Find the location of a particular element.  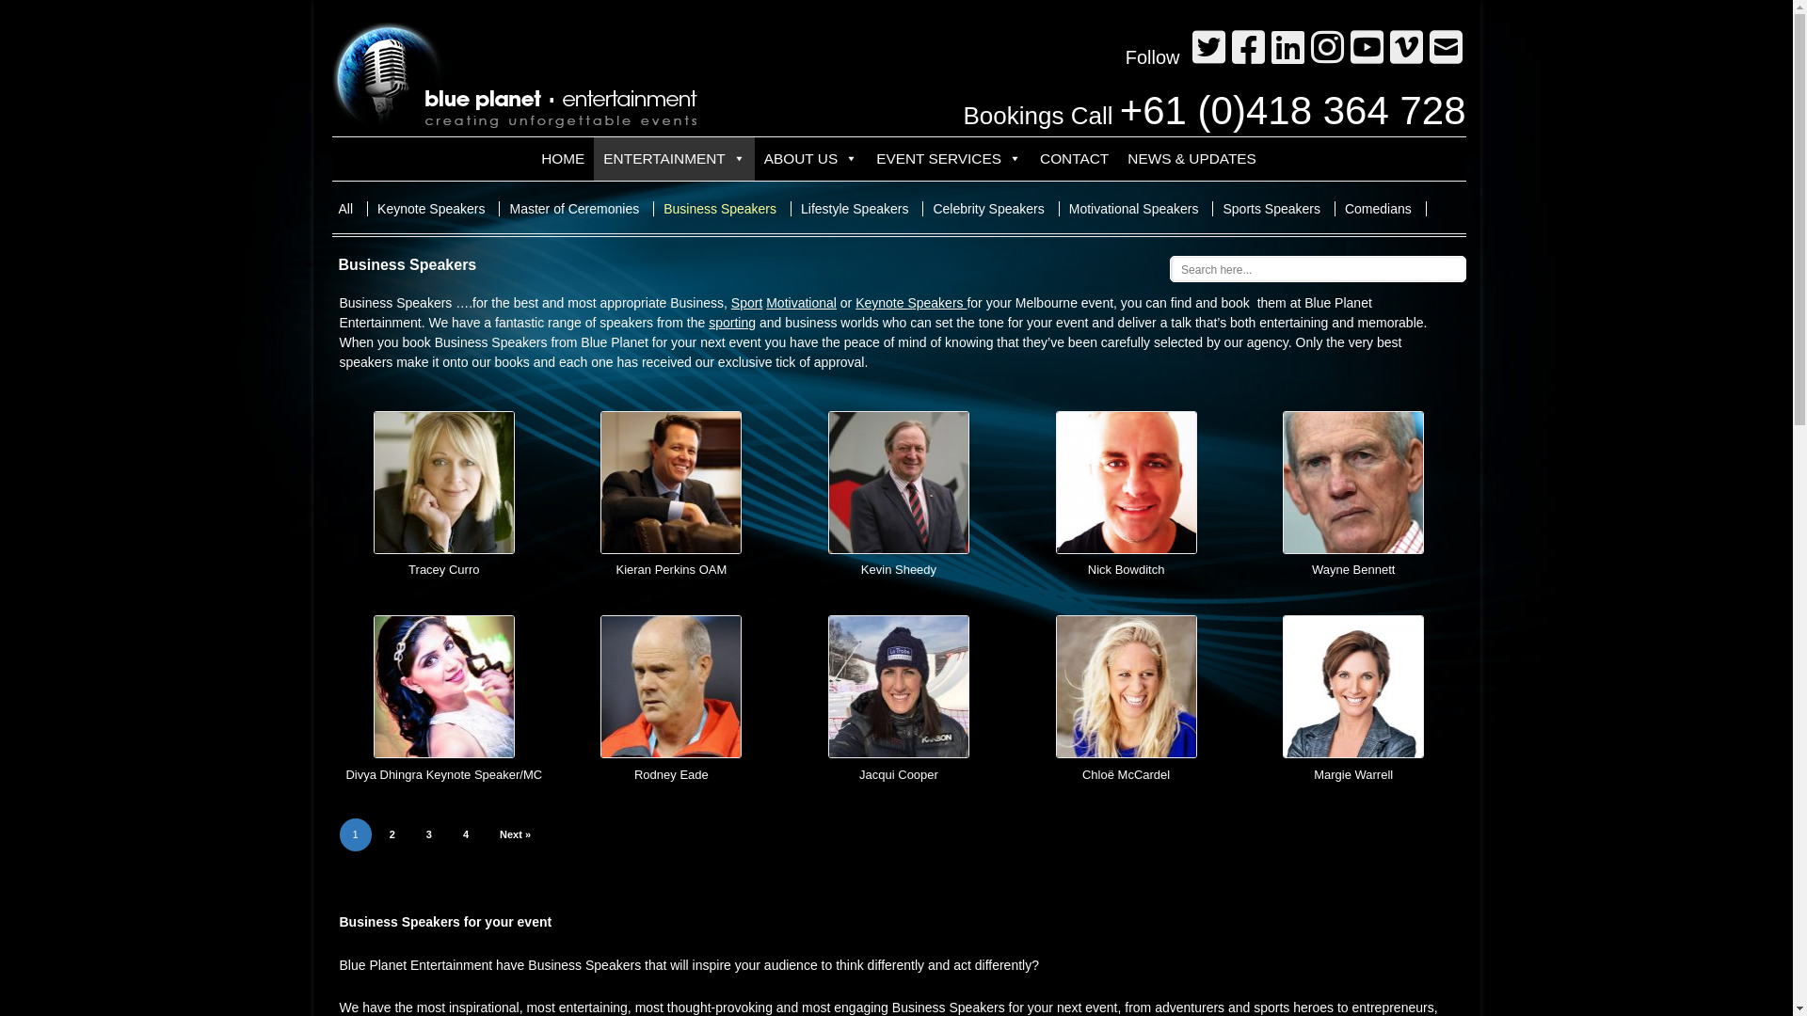

'All' is located at coordinates (353, 209).